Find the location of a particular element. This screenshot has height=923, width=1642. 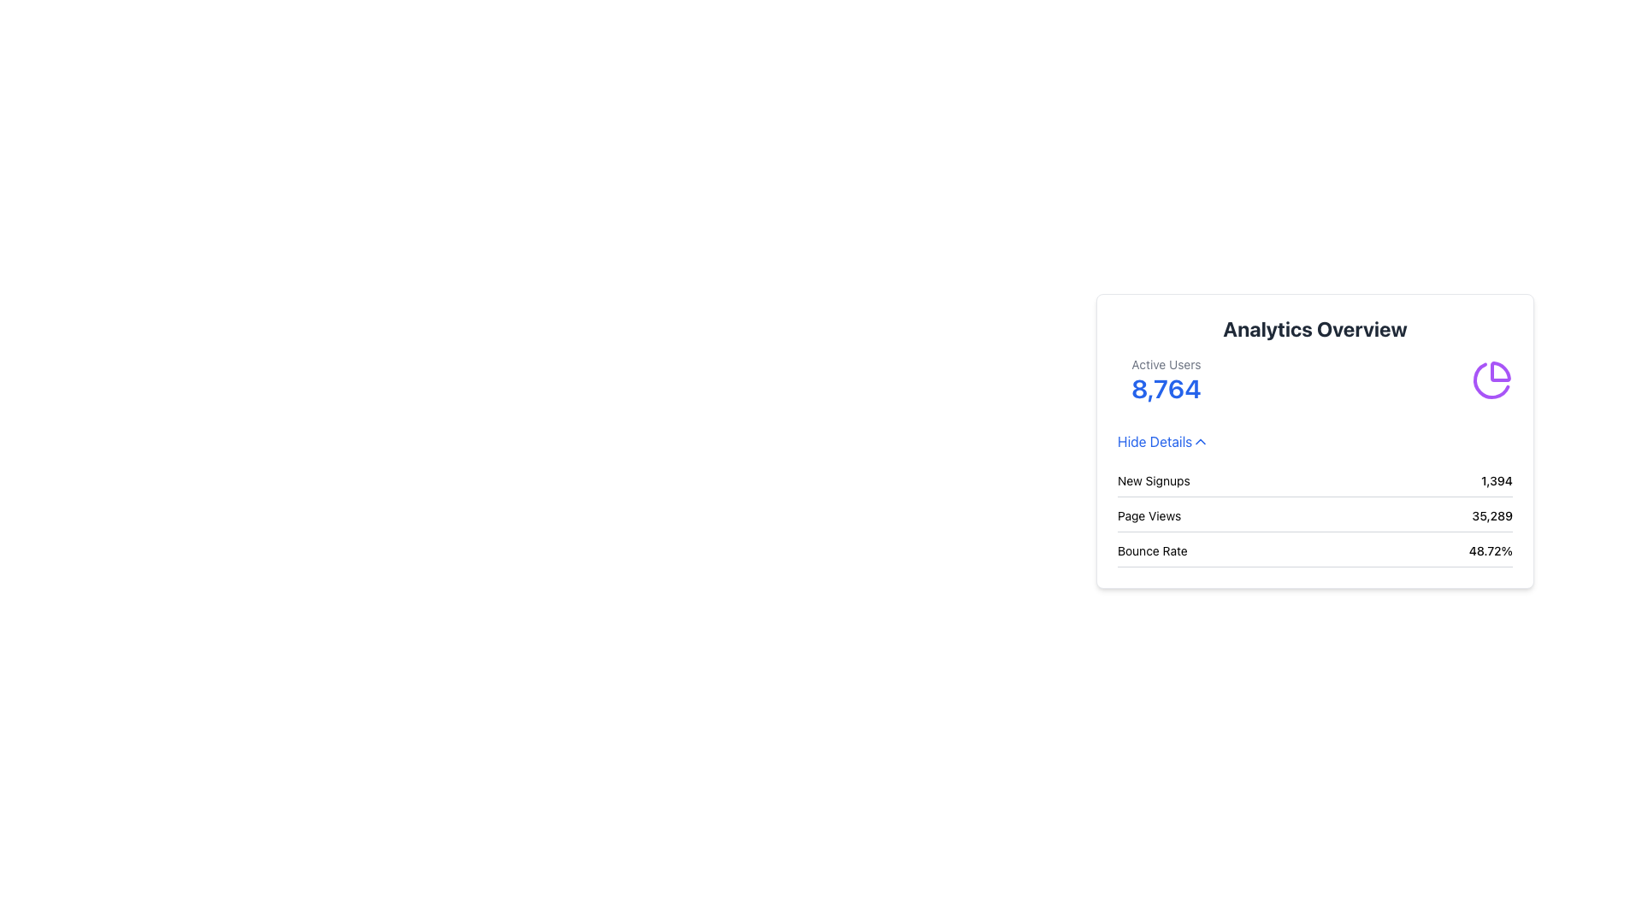

the label located at the bottom left of the 'Analytics Overview' card that describes the adjacent percentage value is located at coordinates (1152, 550).